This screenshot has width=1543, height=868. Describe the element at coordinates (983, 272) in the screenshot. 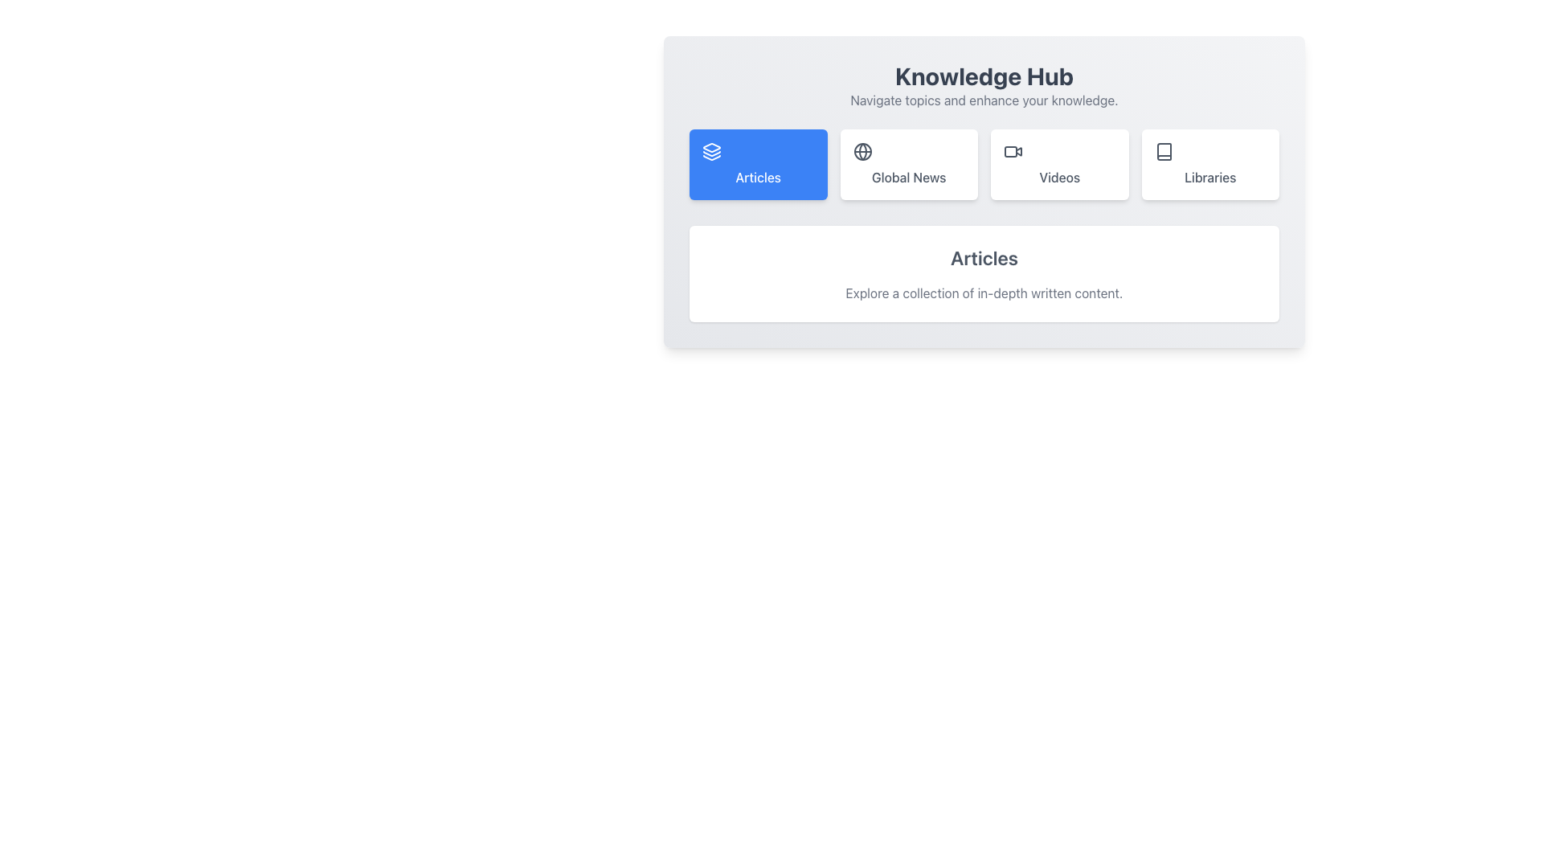

I see `the Informational panel with a white background and rounded corners that contains the text 'Articles' and 'Explore a collection of in-depth written content.'` at that location.